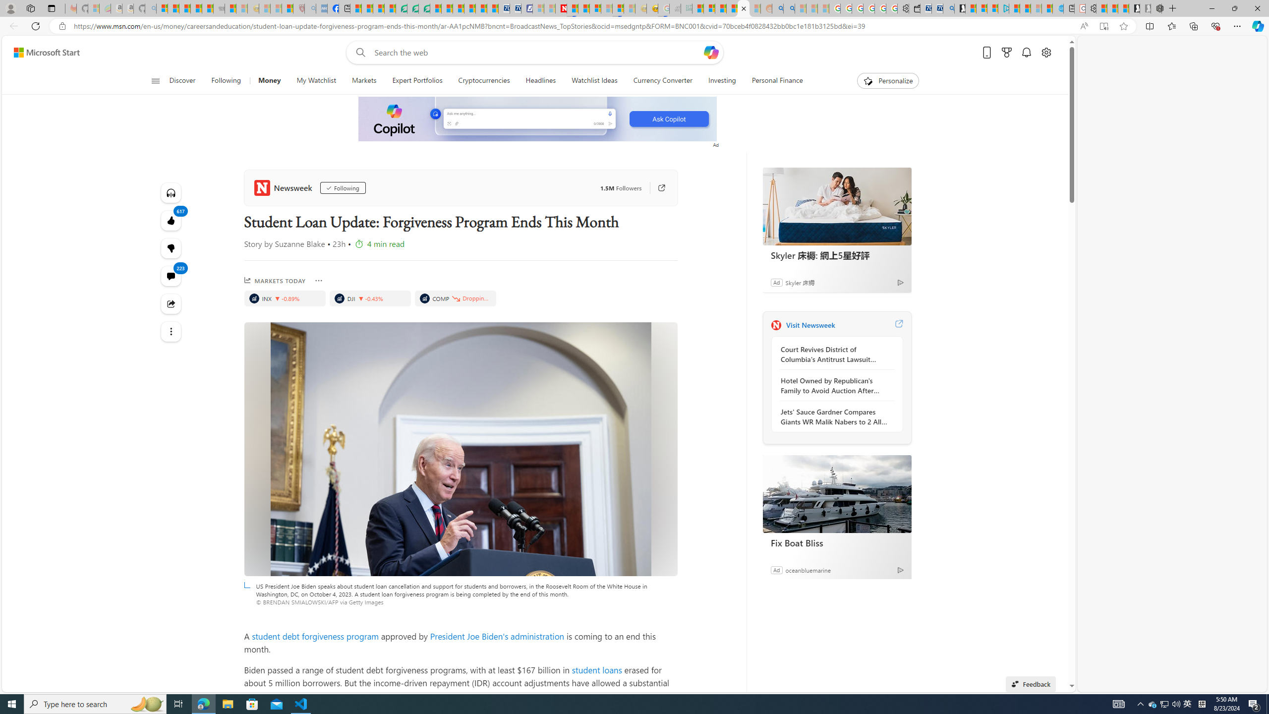 The width and height of the screenshot is (1269, 714). What do you see at coordinates (171, 276) in the screenshot?
I see `'View comments 223 Comment'` at bounding box center [171, 276].